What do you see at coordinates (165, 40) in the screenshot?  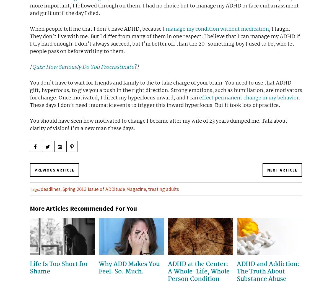 I see `', I laugh. They don’t live with me. But I differ from many of them in one respect: I believe that I can manage my ADHD if I try hard enough. I don’t always succeed, but I’m better off than the 20-something boy I used to be, who let people pass on before writing to them.'` at bounding box center [165, 40].